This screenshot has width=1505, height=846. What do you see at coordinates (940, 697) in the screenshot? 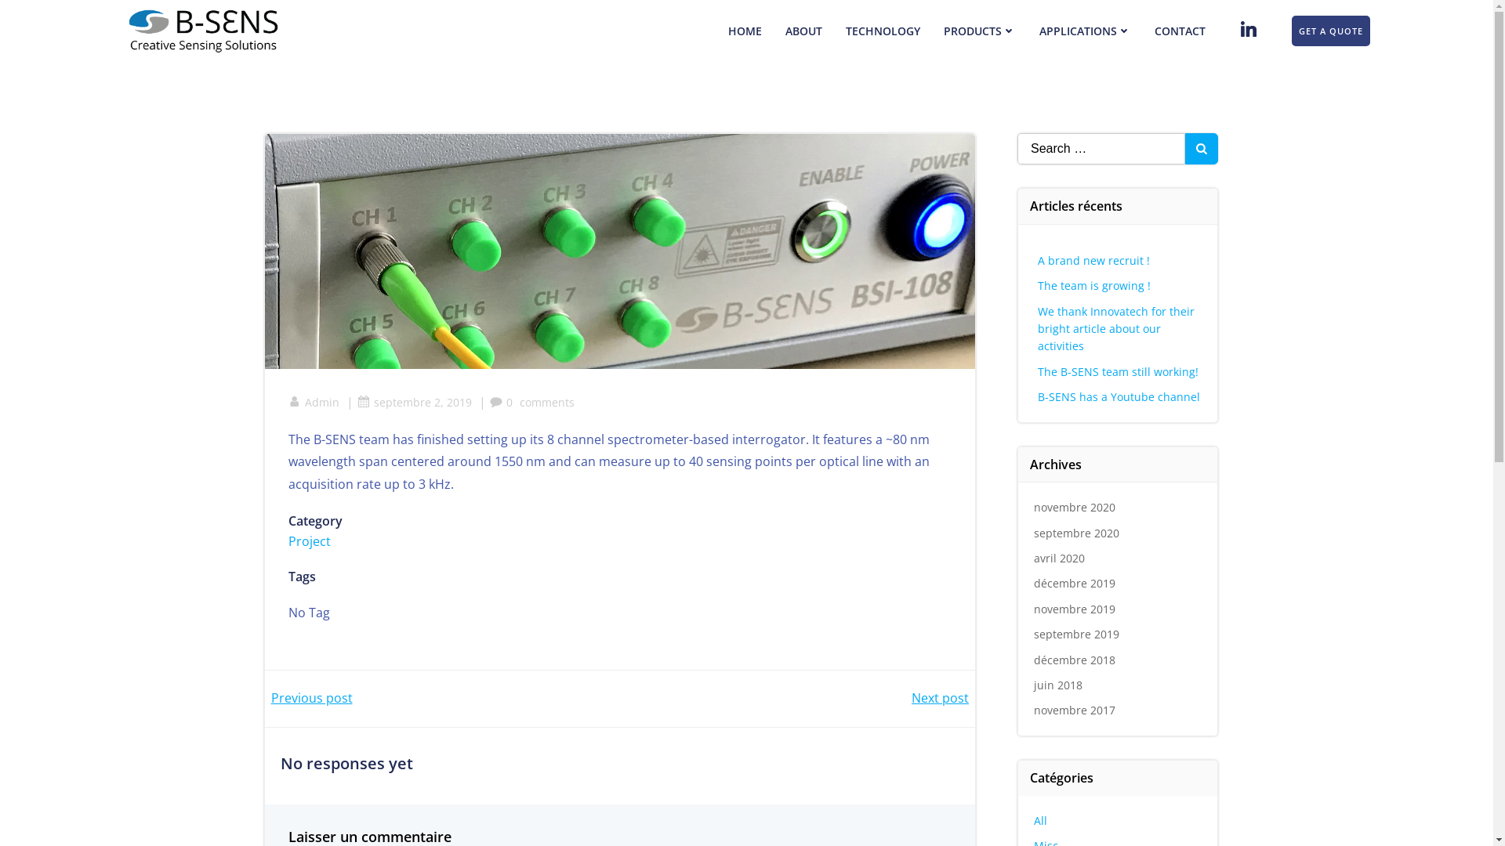
I see `'Next post'` at bounding box center [940, 697].